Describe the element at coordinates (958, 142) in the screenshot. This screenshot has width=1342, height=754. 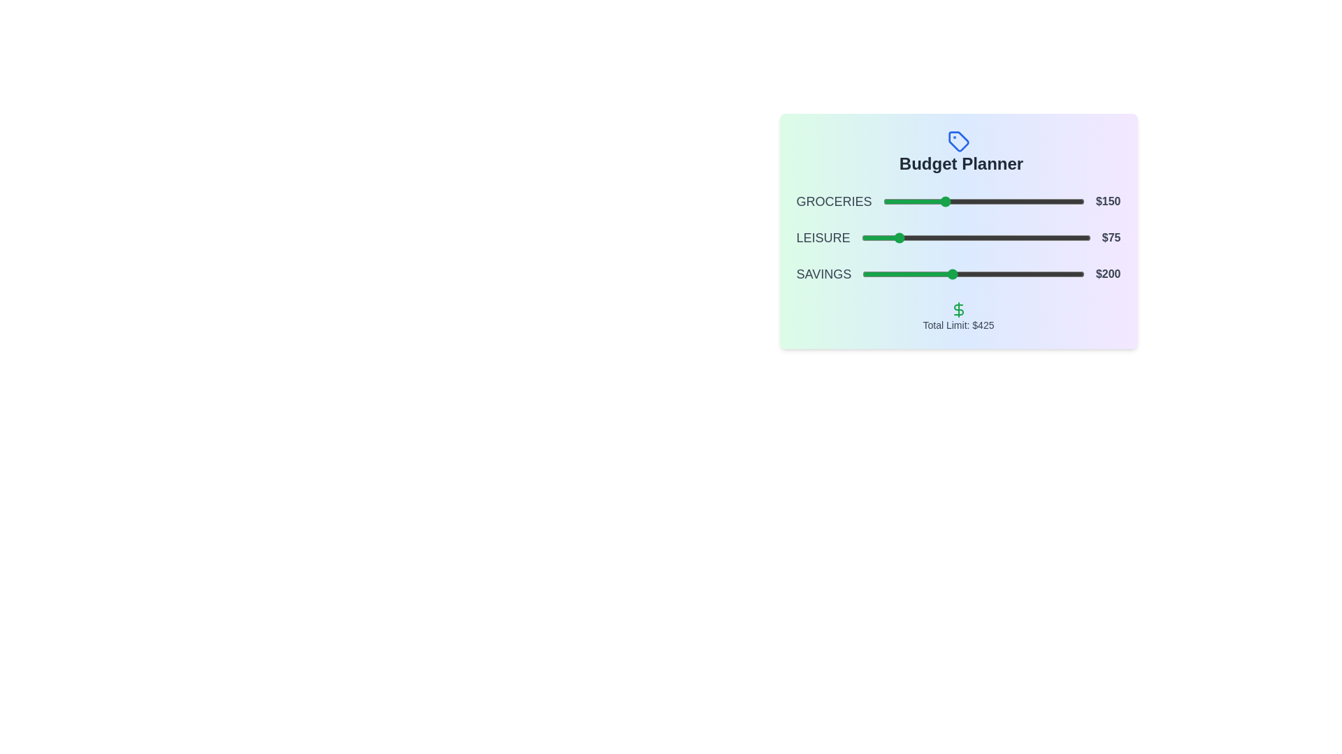
I see `the icon in the header to access additional features` at that location.